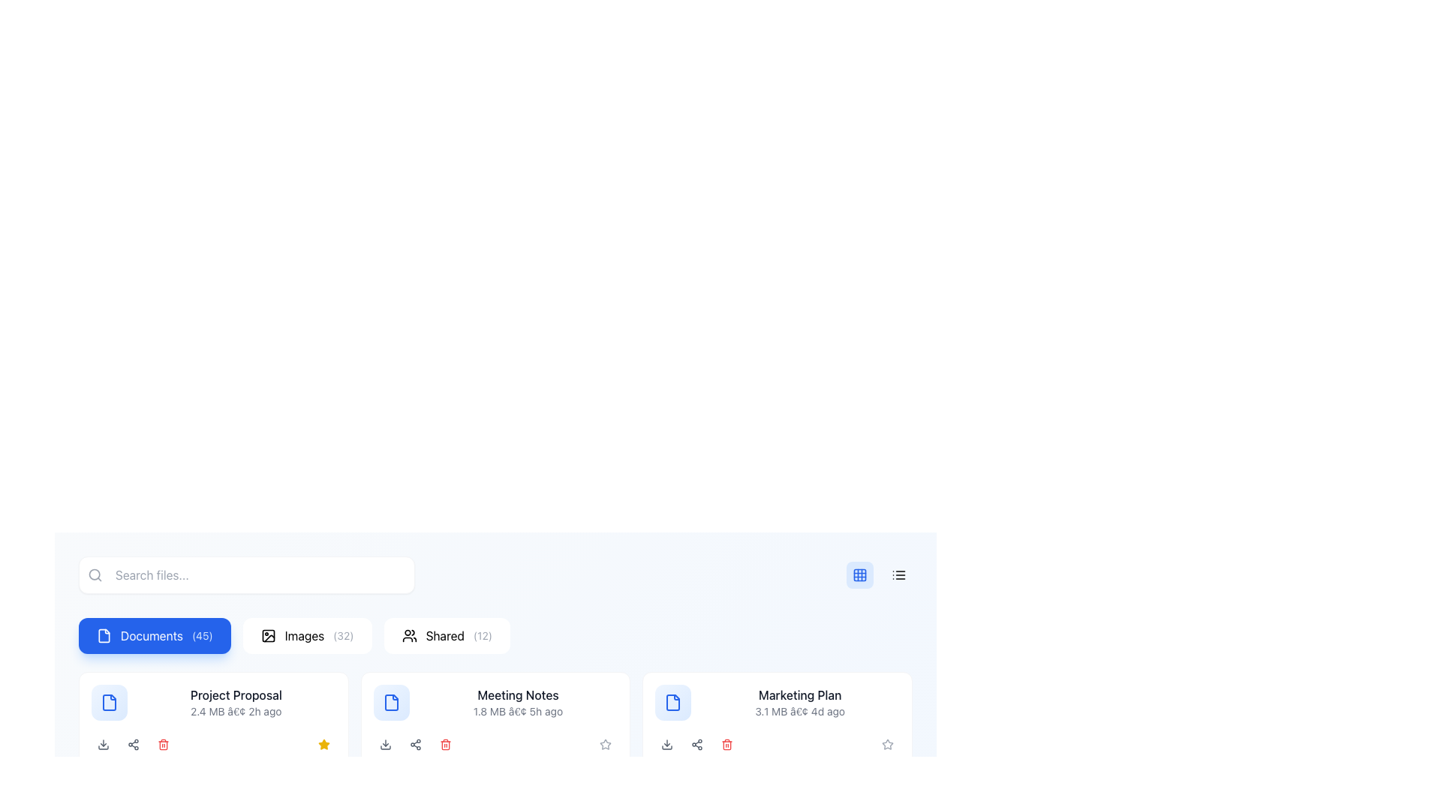 The image size is (1441, 810). I want to click on the blue-outlined file icon representing a document, located at the rightmost position of the 'Marketing Plan' row, so click(672, 703).